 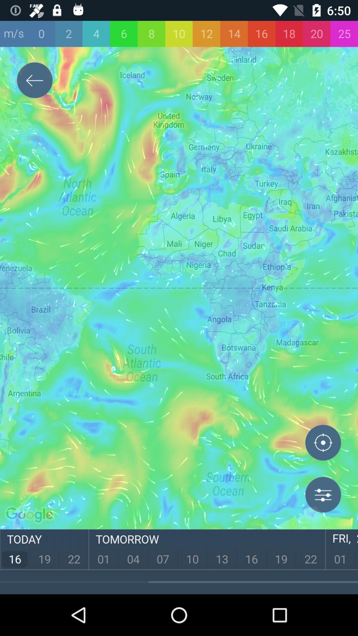 I want to click on exit button, so click(x=34, y=81).